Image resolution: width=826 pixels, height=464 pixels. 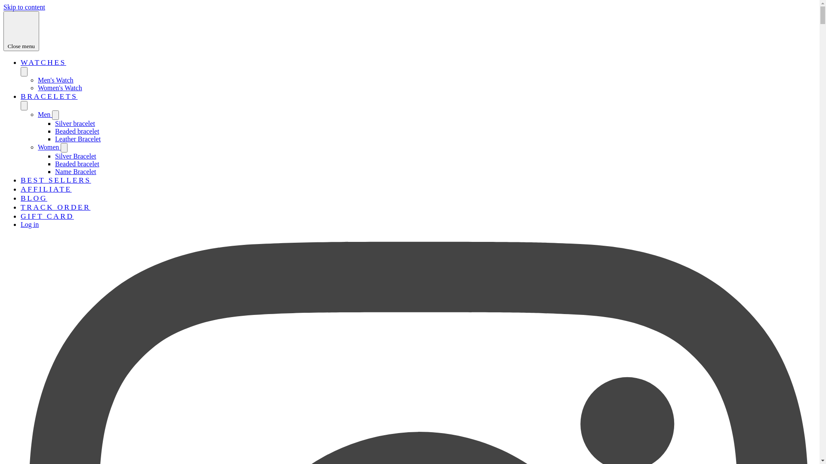 What do you see at coordinates (75, 123) in the screenshot?
I see `'Silver bracelet'` at bounding box center [75, 123].